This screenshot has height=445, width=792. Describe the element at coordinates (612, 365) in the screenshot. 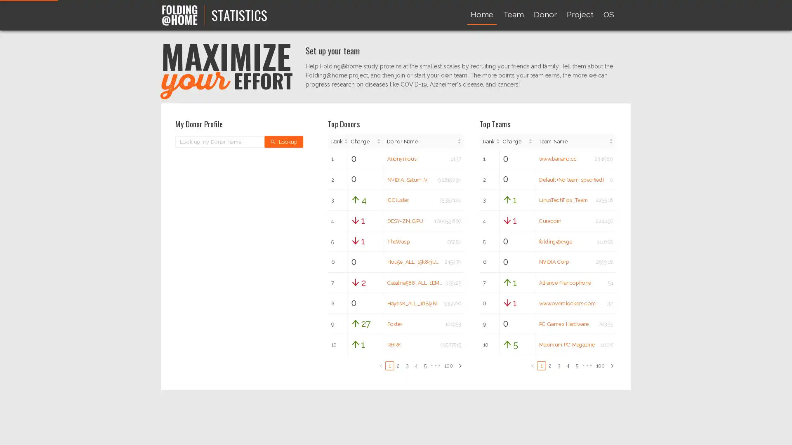

I see `right` at that location.